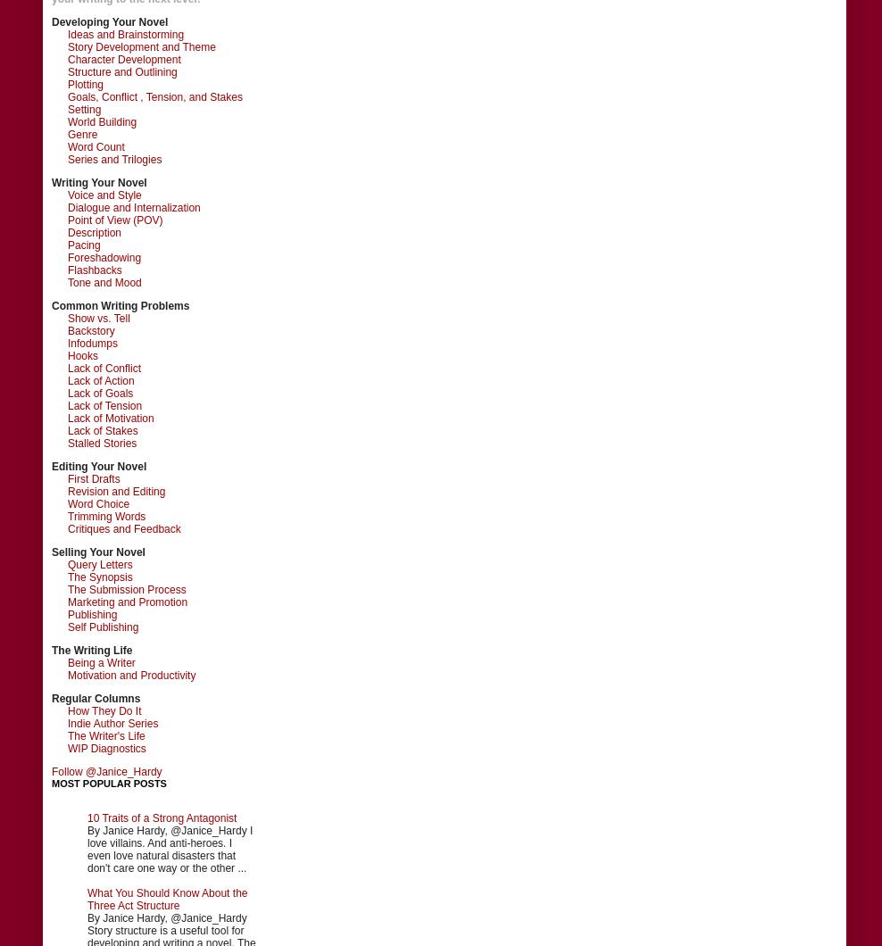 The width and height of the screenshot is (882, 946). Describe the element at coordinates (130, 673) in the screenshot. I see `'Motivation and Productivity'` at that location.